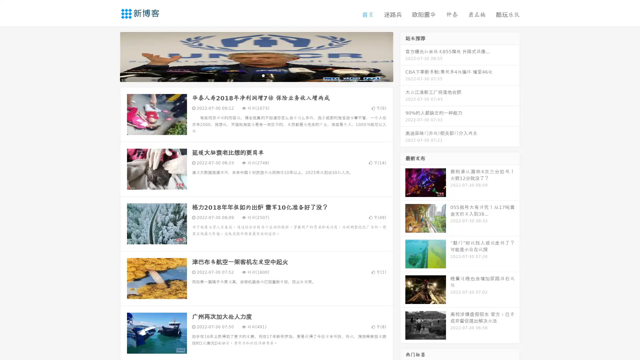 Image resolution: width=640 pixels, height=360 pixels. I want to click on Go to slide 1, so click(249, 75).